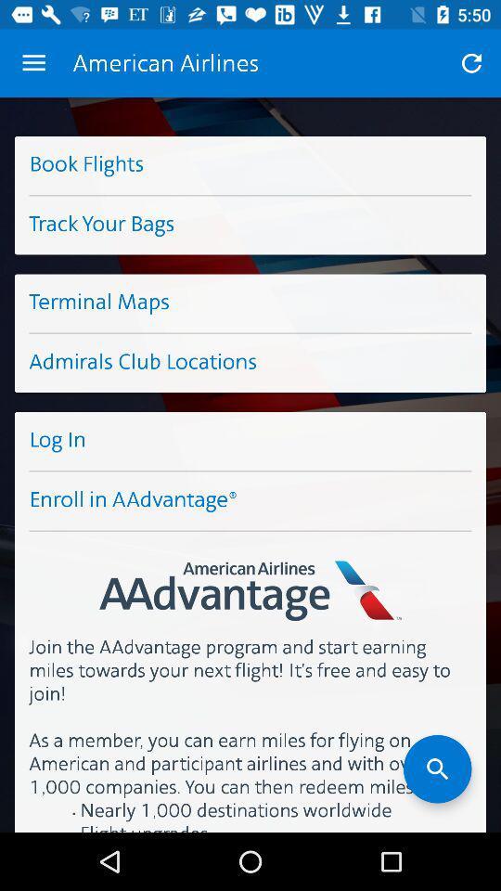  What do you see at coordinates (250, 500) in the screenshot?
I see `the button below log in` at bounding box center [250, 500].